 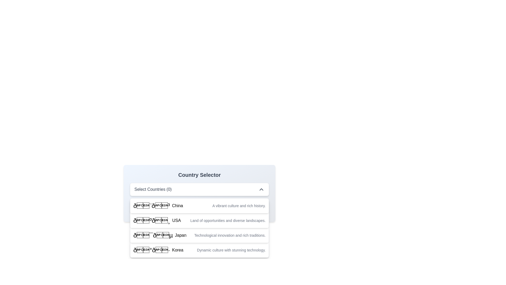 I want to click on the static text label for the United States in the country selection dropdown, so click(x=176, y=221).